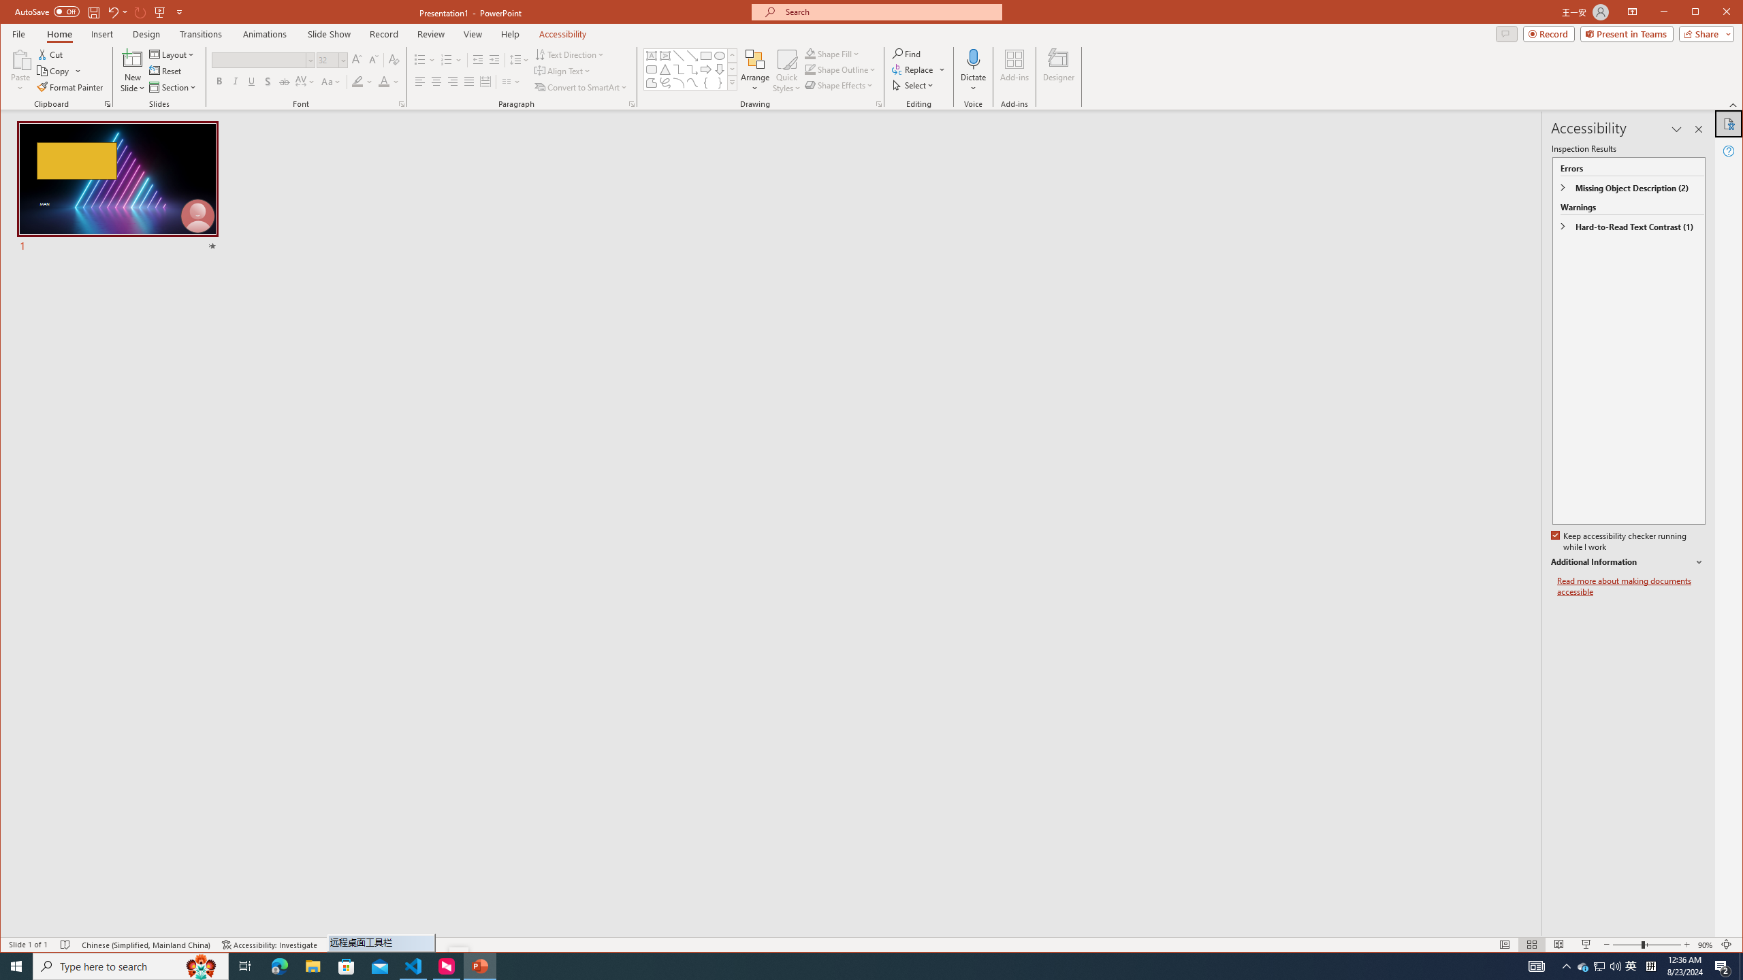 This screenshot has height=980, width=1743. I want to click on 'Font', so click(258, 60).